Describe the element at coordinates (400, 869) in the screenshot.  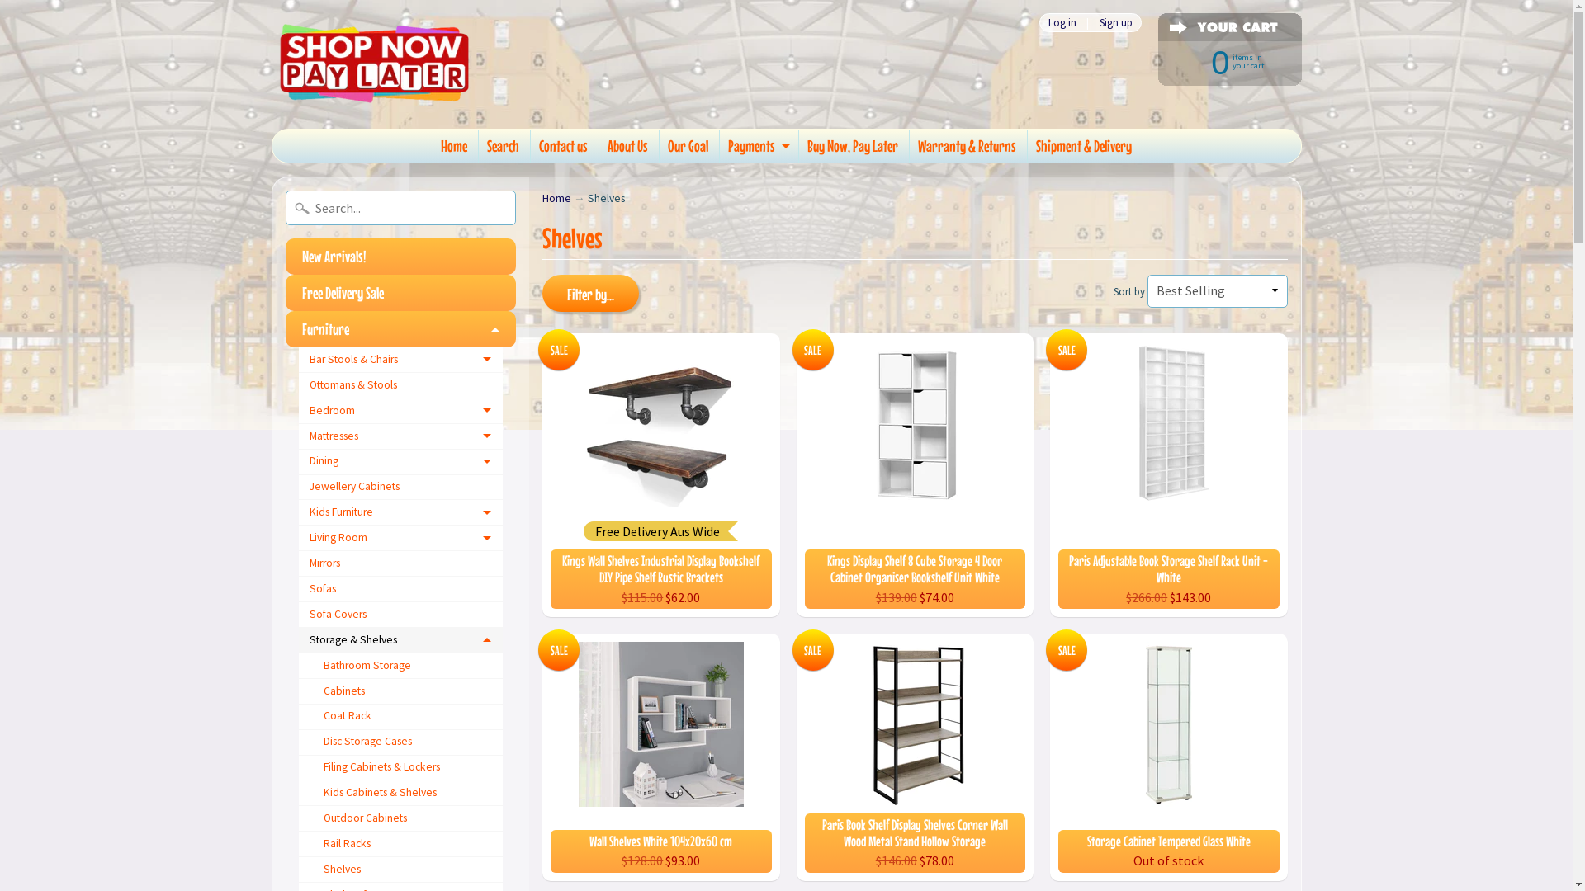
I see `'Shelves'` at that location.